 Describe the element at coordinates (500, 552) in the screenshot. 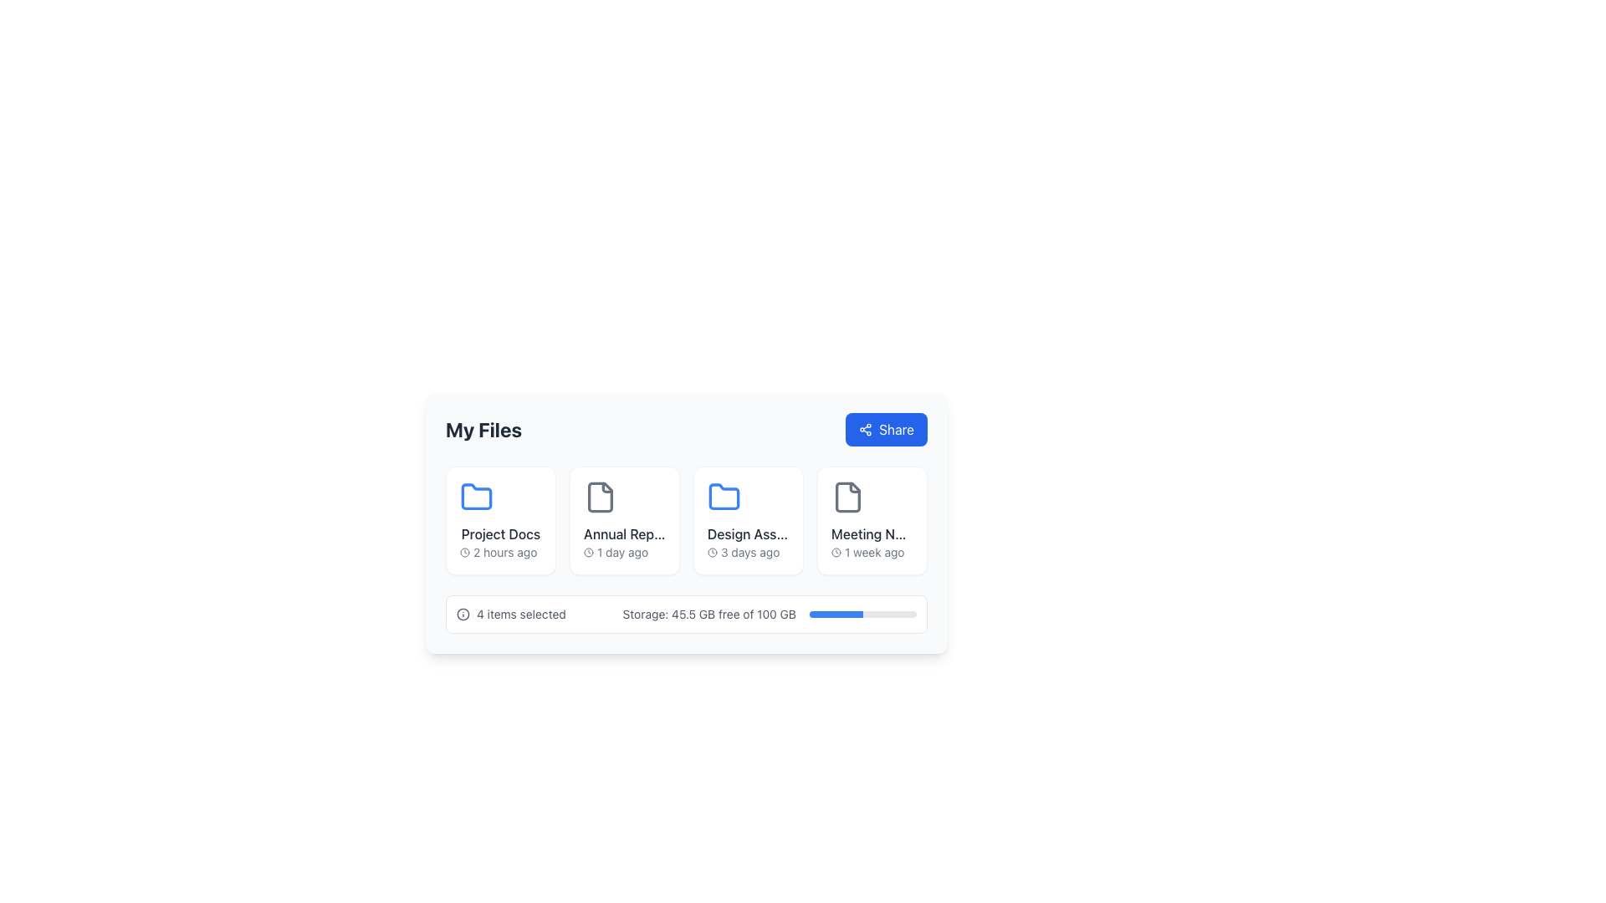

I see `the text label displaying '2 hours ago' with a clock icon, located below the title 'Project Docs' in the card layout` at that location.